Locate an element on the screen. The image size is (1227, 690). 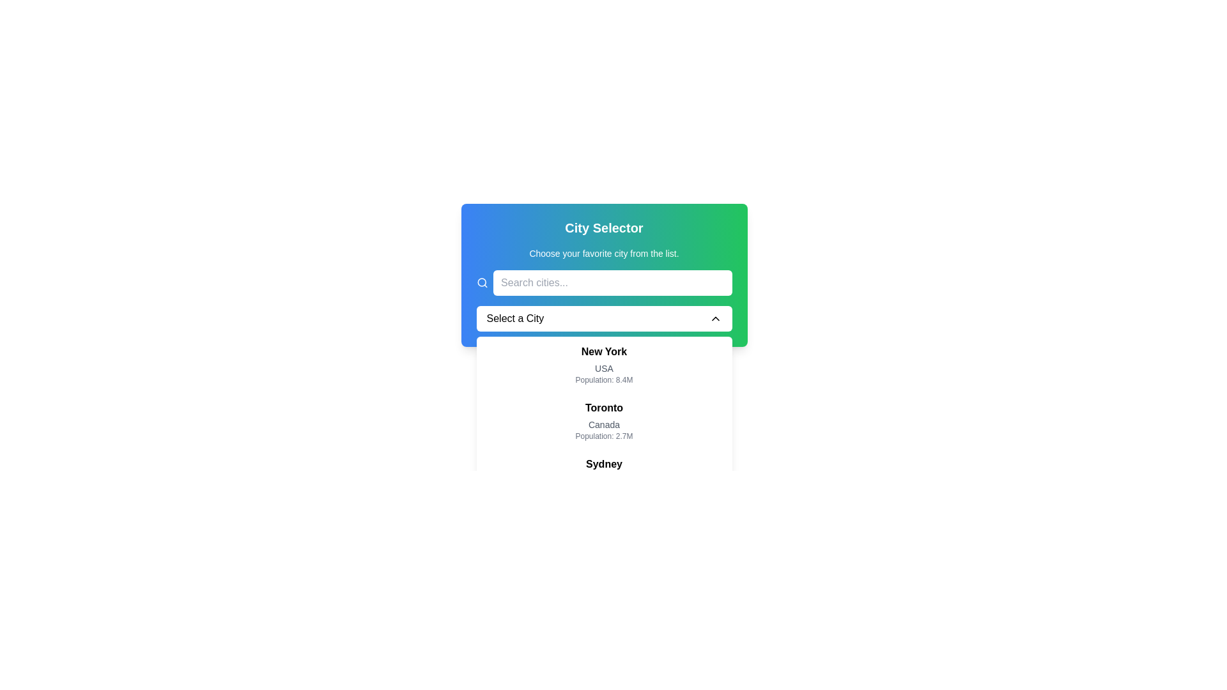
the city entry in the dropdown menu displaying city names is located at coordinates (603, 448).